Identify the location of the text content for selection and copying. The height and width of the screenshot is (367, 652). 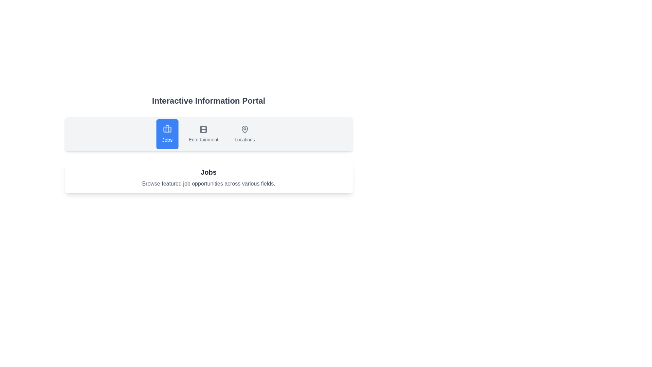
(70, 168).